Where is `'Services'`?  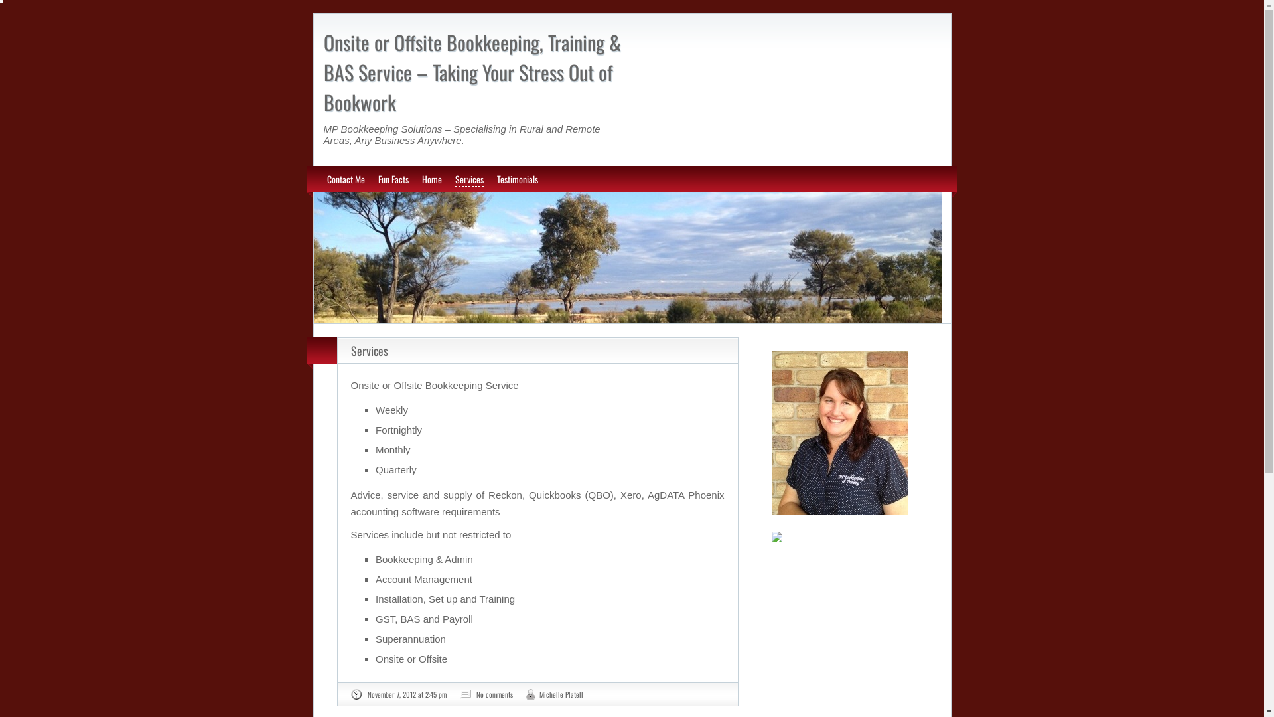 'Services' is located at coordinates (369, 350).